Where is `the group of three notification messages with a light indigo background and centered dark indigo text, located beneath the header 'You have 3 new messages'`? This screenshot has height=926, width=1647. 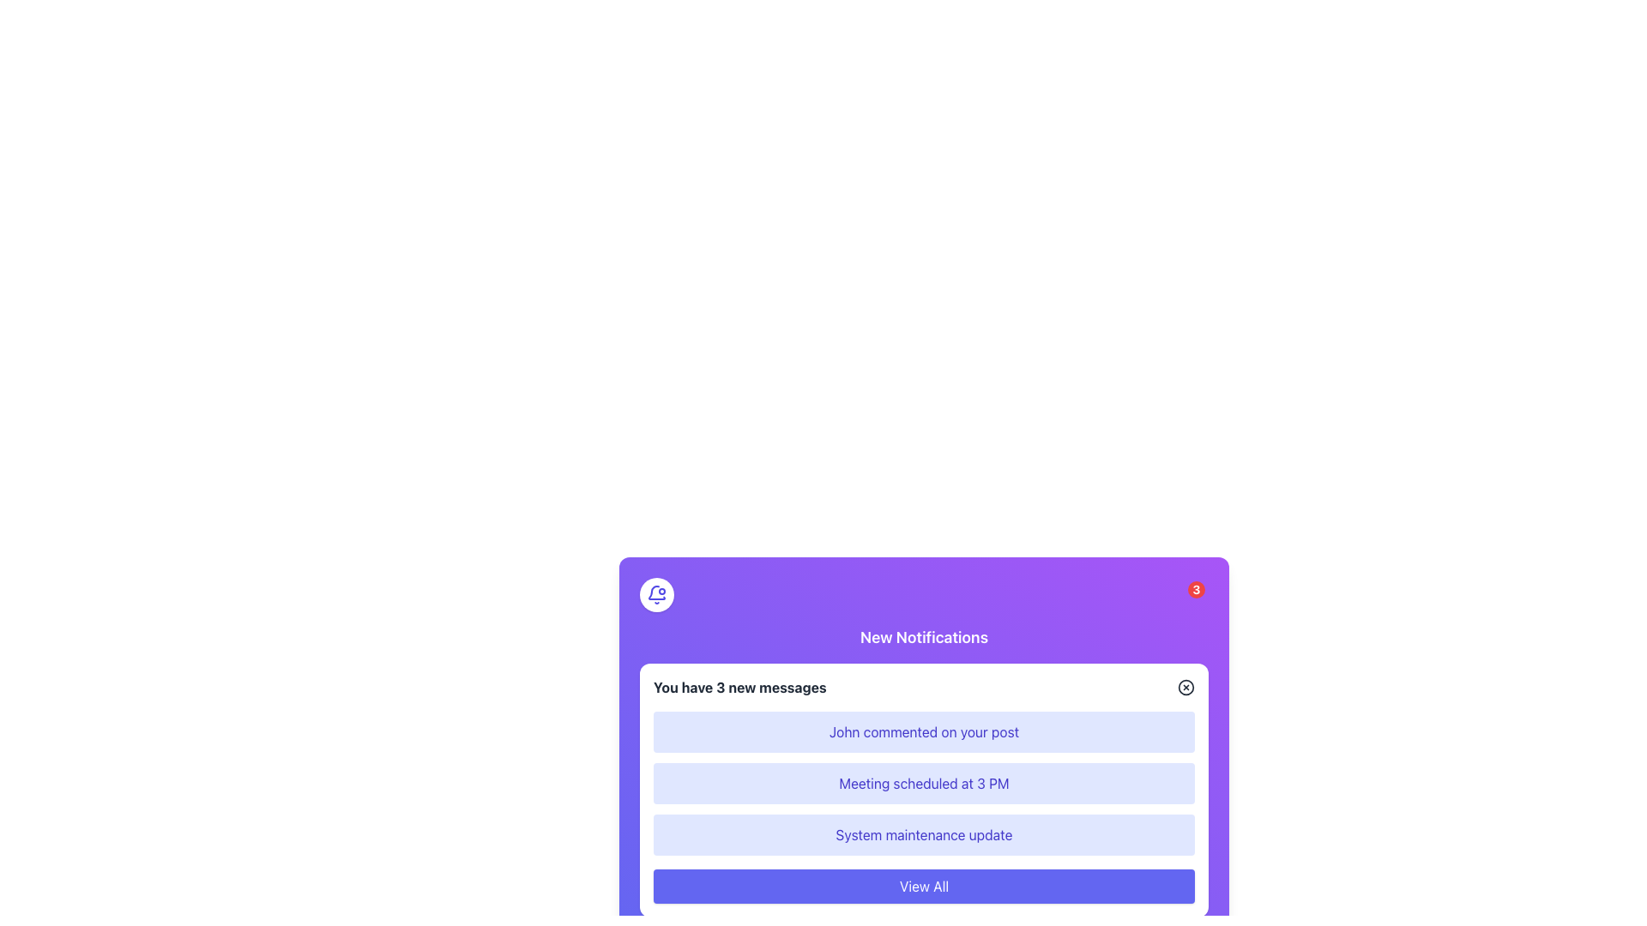 the group of three notification messages with a light indigo background and centered dark indigo text, located beneath the header 'You have 3 new messages' is located at coordinates (923, 784).